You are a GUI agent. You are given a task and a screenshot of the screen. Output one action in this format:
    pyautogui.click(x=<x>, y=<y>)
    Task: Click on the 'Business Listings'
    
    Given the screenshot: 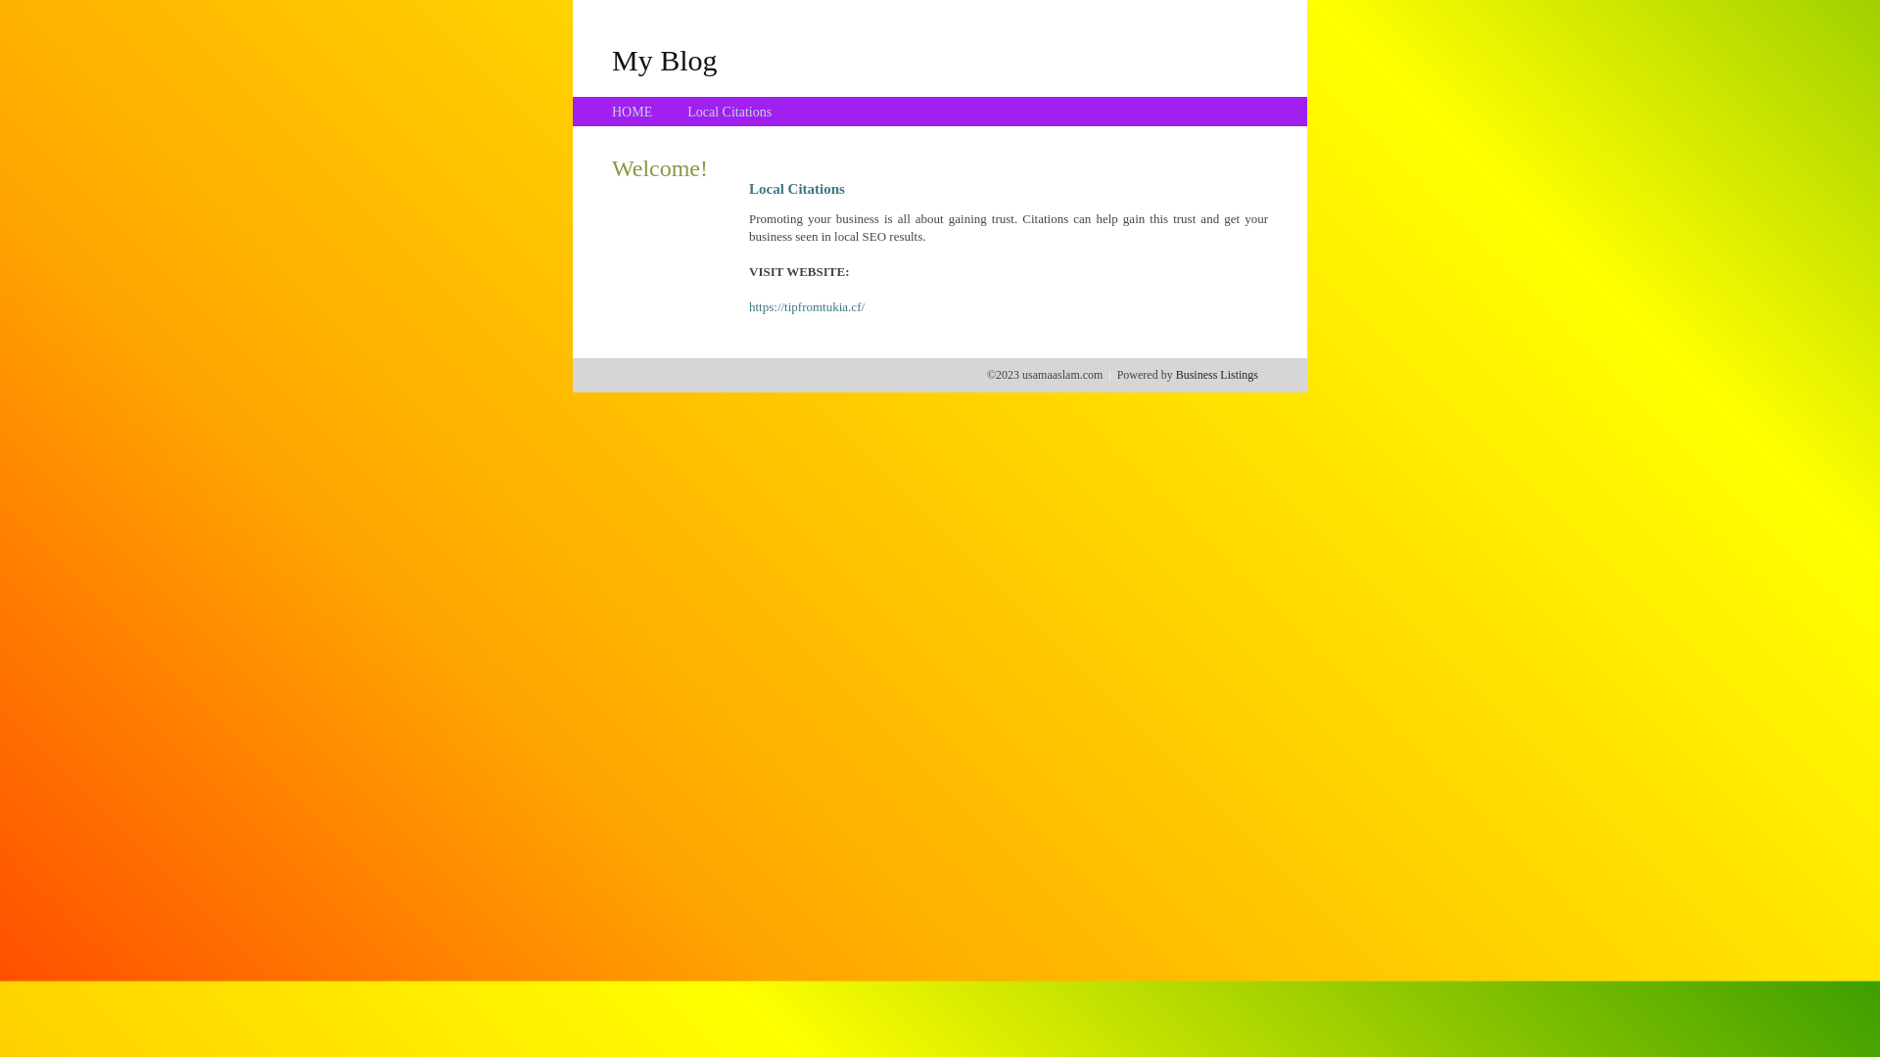 What is the action you would take?
    pyautogui.click(x=1216, y=374)
    